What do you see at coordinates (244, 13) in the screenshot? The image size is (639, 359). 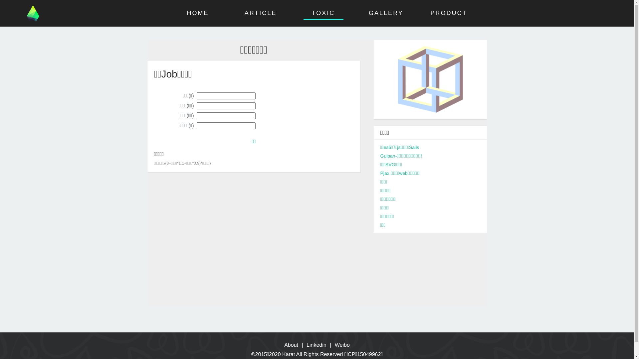 I see `'ARTICLE'` at bounding box center [244, 13].